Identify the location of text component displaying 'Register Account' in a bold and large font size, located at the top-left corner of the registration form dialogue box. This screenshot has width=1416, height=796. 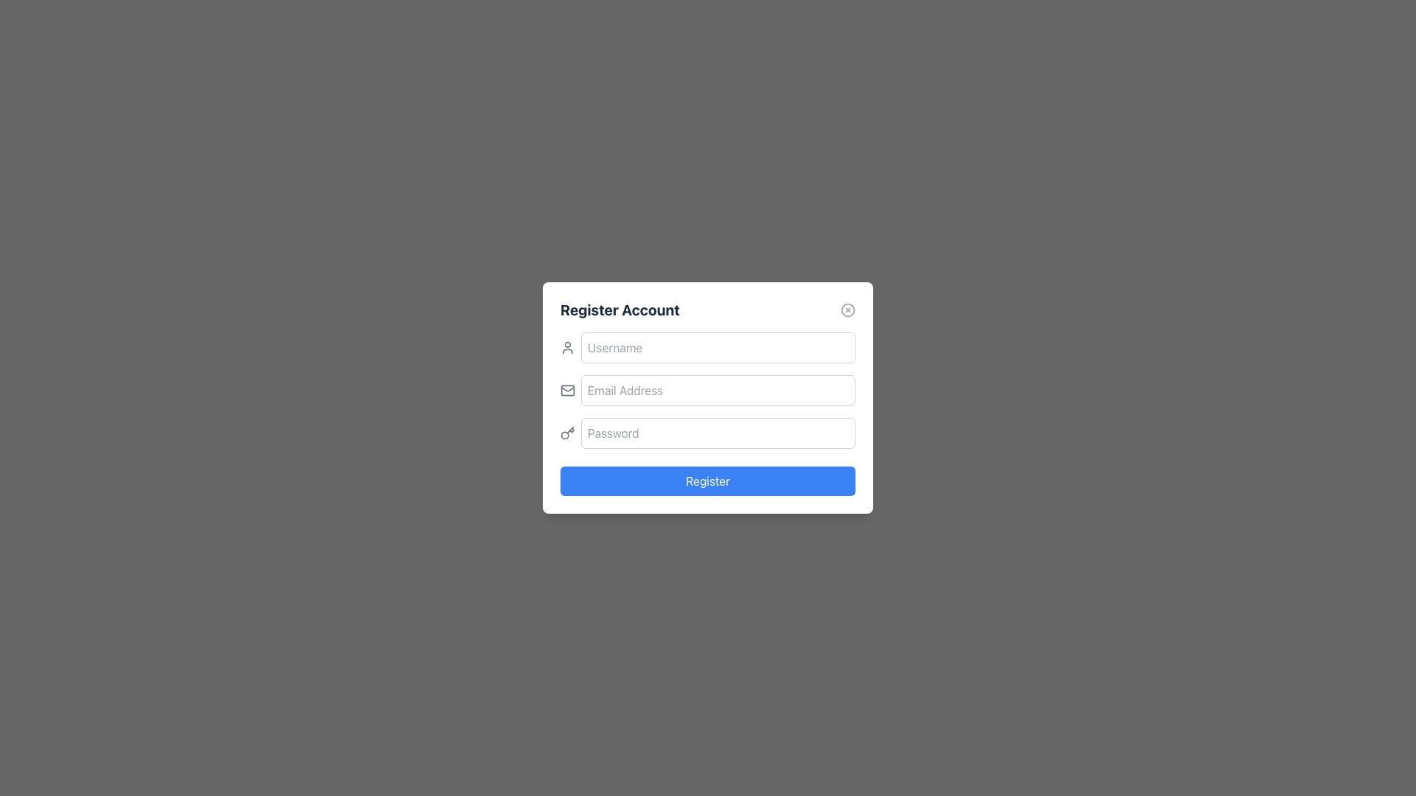
(619, 309).